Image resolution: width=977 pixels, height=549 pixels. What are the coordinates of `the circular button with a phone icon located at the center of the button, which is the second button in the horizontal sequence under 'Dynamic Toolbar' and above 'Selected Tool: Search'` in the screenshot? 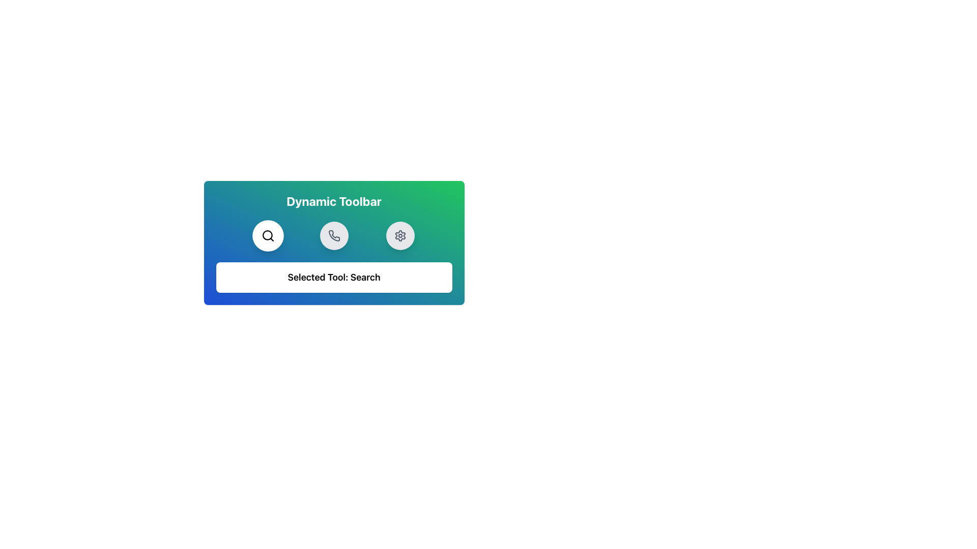 It's located at (334, 235).